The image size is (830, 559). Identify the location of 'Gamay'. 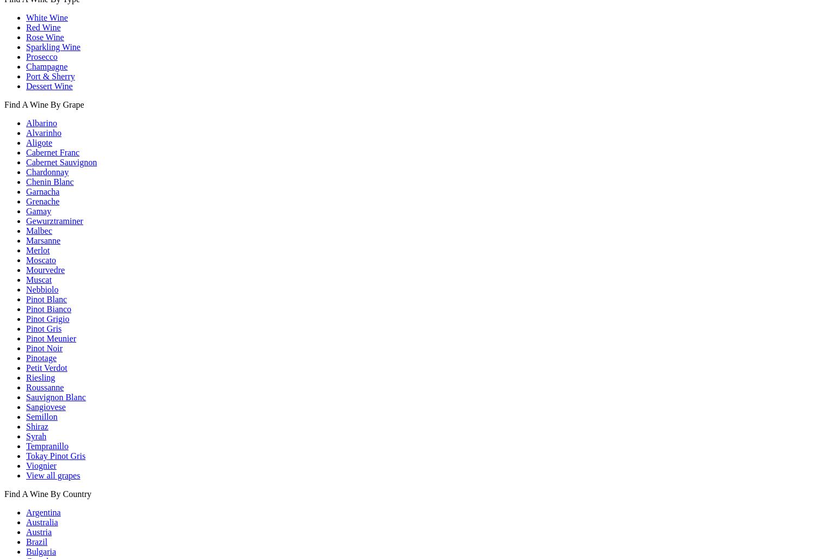
(39, 210).